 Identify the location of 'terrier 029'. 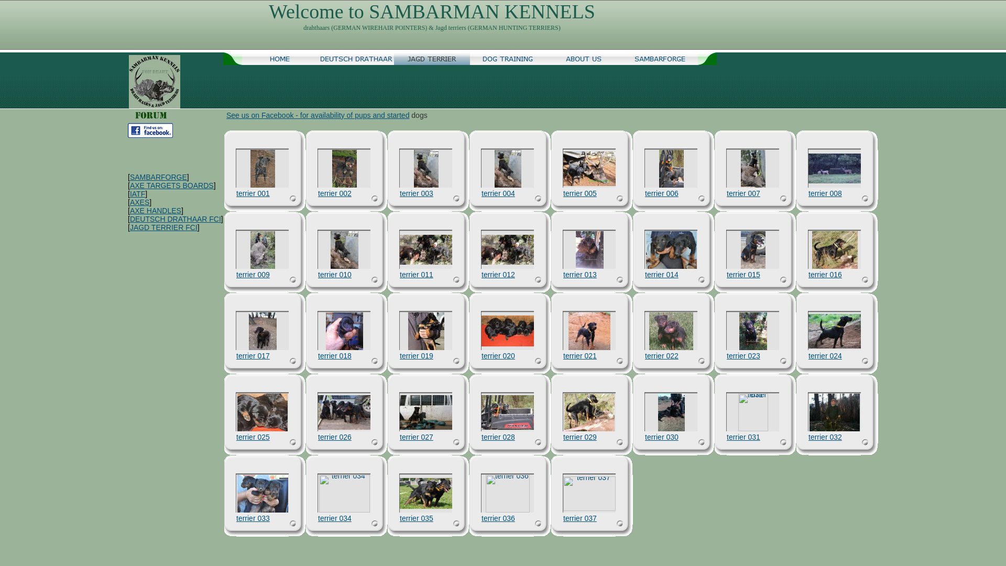
(563, 411).